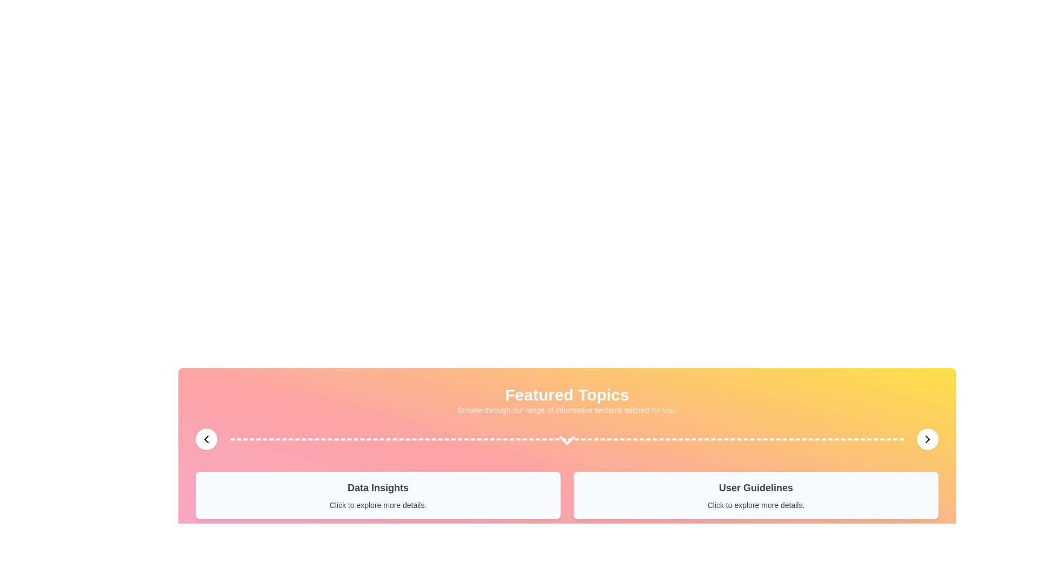 Image resolution: width=1038 pixels, height=583 pixels. I want to click on the text label that reads 'Click, so click(755, 505).